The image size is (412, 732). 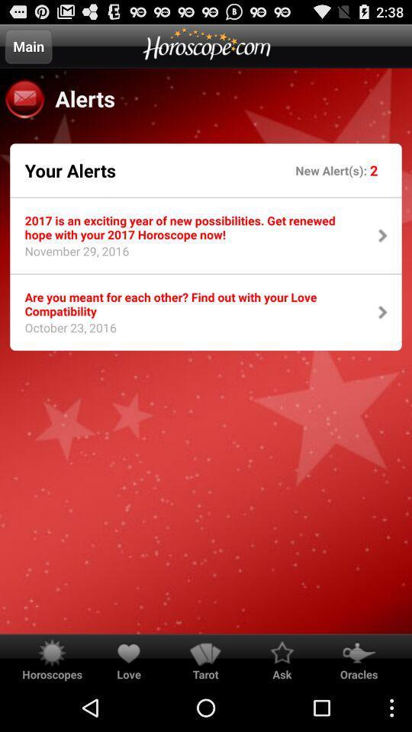 What do you see at coordinates (332, 170) in the screenshot?
I see `item to the right of the your alerts icon` at bounding box center [332, 170].